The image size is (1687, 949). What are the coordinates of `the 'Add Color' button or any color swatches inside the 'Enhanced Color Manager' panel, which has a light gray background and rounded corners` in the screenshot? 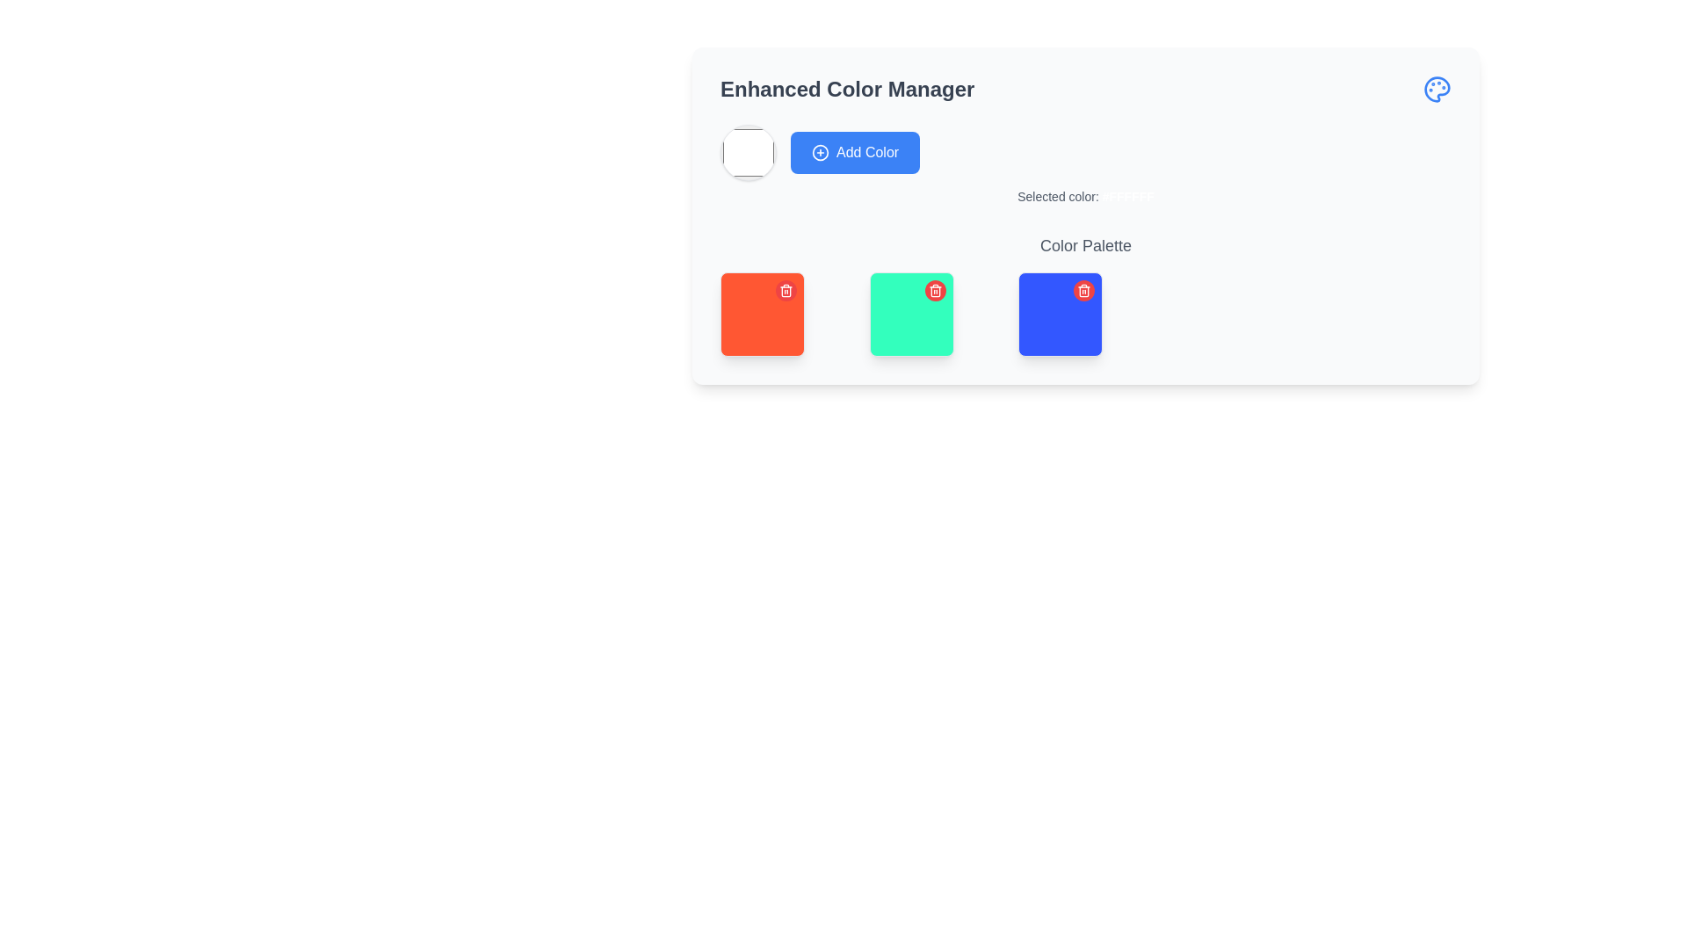 It's located at (1085, 215).